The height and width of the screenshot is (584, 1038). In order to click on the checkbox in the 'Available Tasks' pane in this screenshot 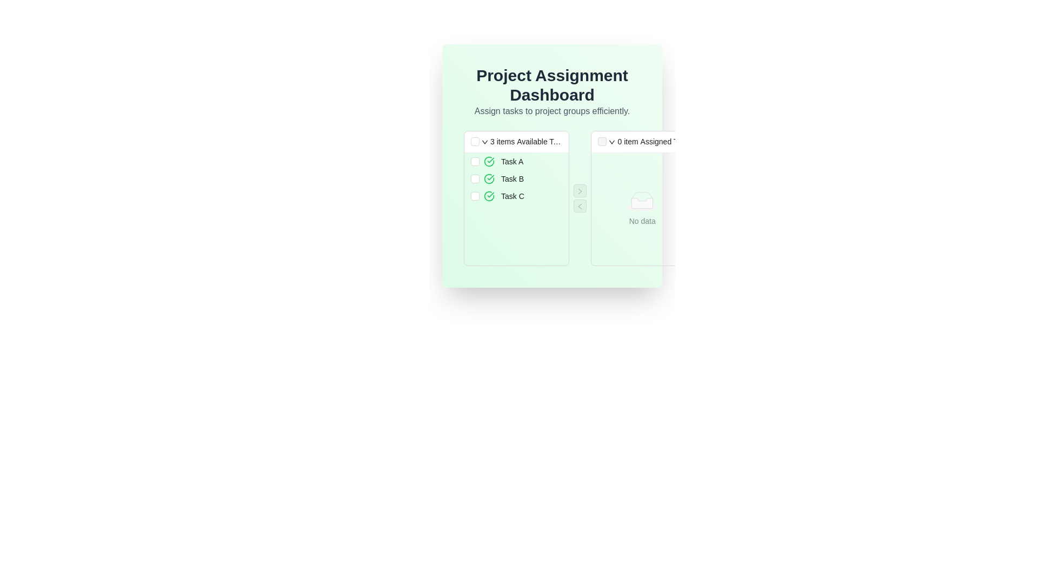, I will do `click(552, 198)`.